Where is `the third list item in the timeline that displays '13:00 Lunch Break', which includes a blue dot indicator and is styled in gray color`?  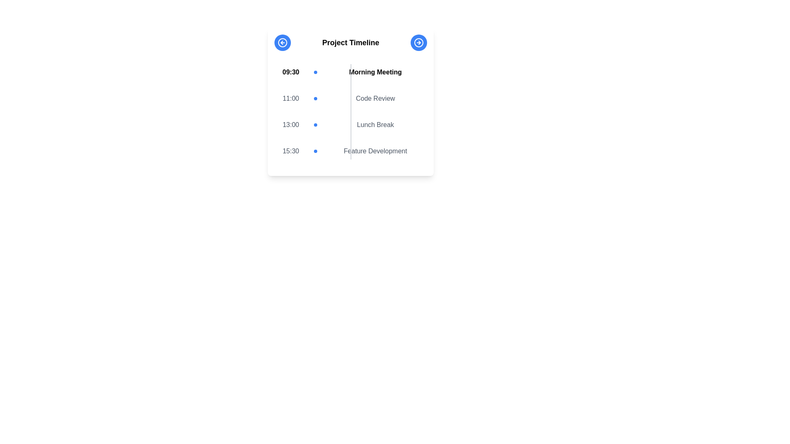 the third list item in the timeline that displays '13:00 Lunch Break', which includes a blue dot indicator and is styled in gray color is located at coordinates (351, 125).